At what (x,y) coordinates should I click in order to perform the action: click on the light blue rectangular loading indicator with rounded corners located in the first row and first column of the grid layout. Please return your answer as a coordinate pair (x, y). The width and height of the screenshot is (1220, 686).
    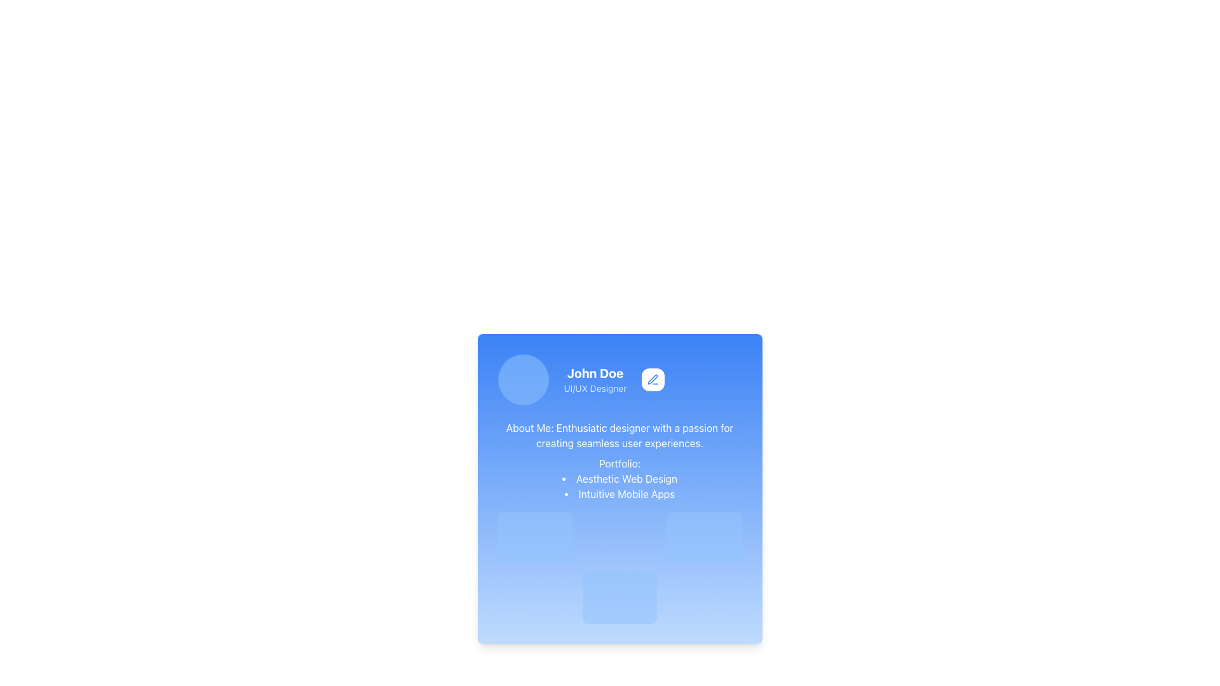
    Looking at the image, I should click on (535, 537).